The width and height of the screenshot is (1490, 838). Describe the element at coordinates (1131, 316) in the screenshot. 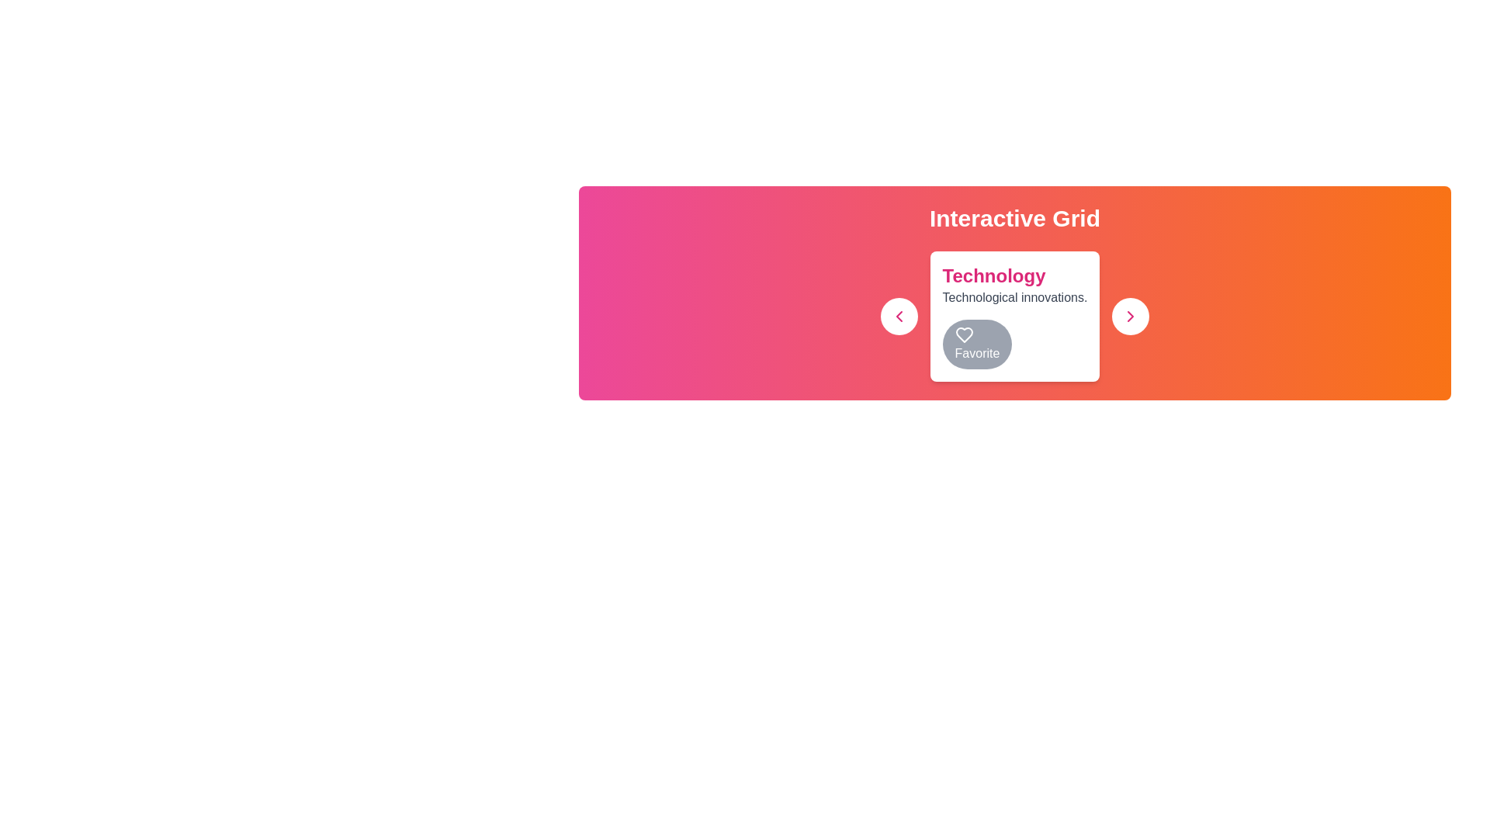

I see `the rightward-pointing chevron icon within the circular button with a pink border` at that location.